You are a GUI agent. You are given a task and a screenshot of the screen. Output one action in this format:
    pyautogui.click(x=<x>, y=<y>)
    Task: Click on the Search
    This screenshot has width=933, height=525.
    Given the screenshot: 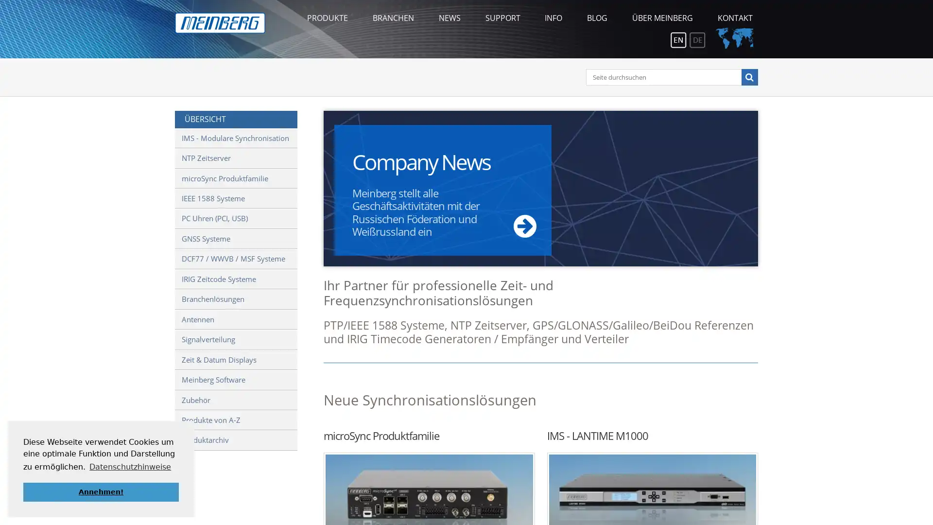 What is the action you would take?
    pyautogui.click(x=748, y=76)
    